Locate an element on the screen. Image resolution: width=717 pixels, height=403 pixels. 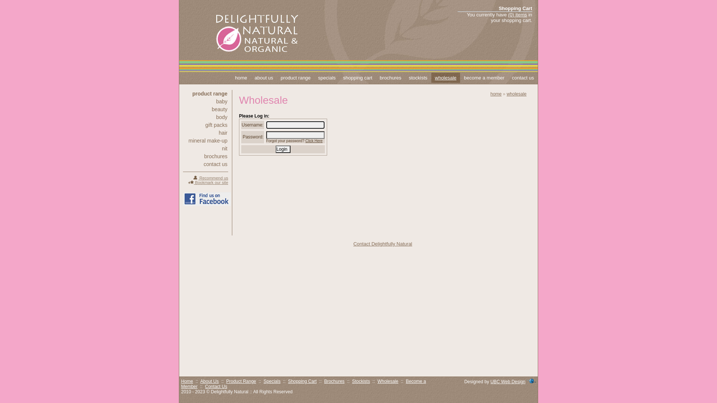
'Product Range' is located at coordinates (241, 381).